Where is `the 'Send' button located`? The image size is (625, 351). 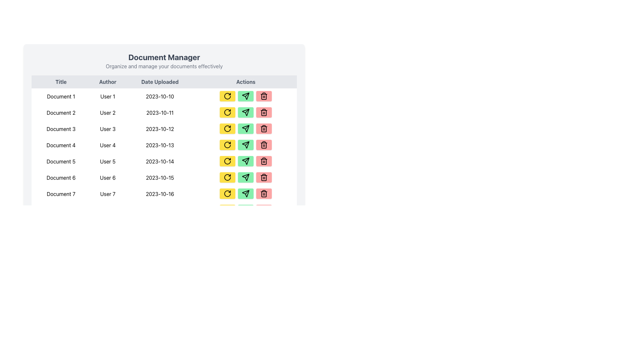
the 'Send' button located is located at coordinates (245, 129).